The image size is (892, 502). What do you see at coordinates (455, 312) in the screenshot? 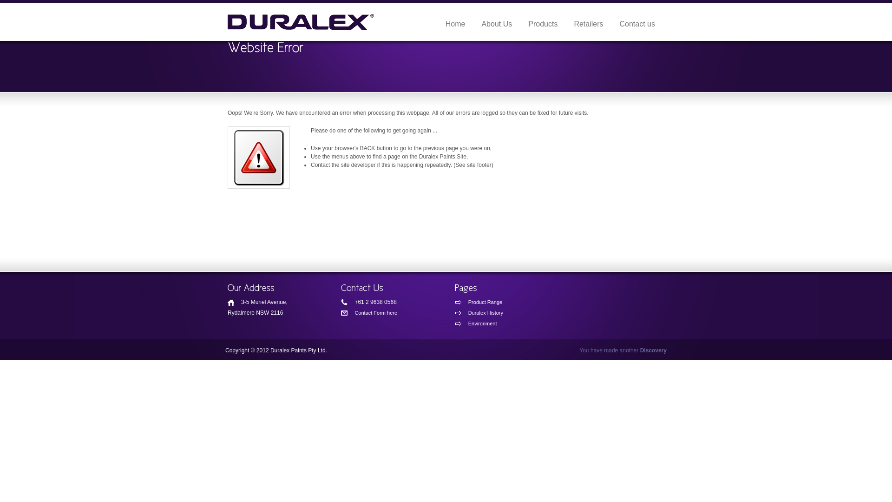
I see `'Duralex History'` at bounding box center [455, 312].